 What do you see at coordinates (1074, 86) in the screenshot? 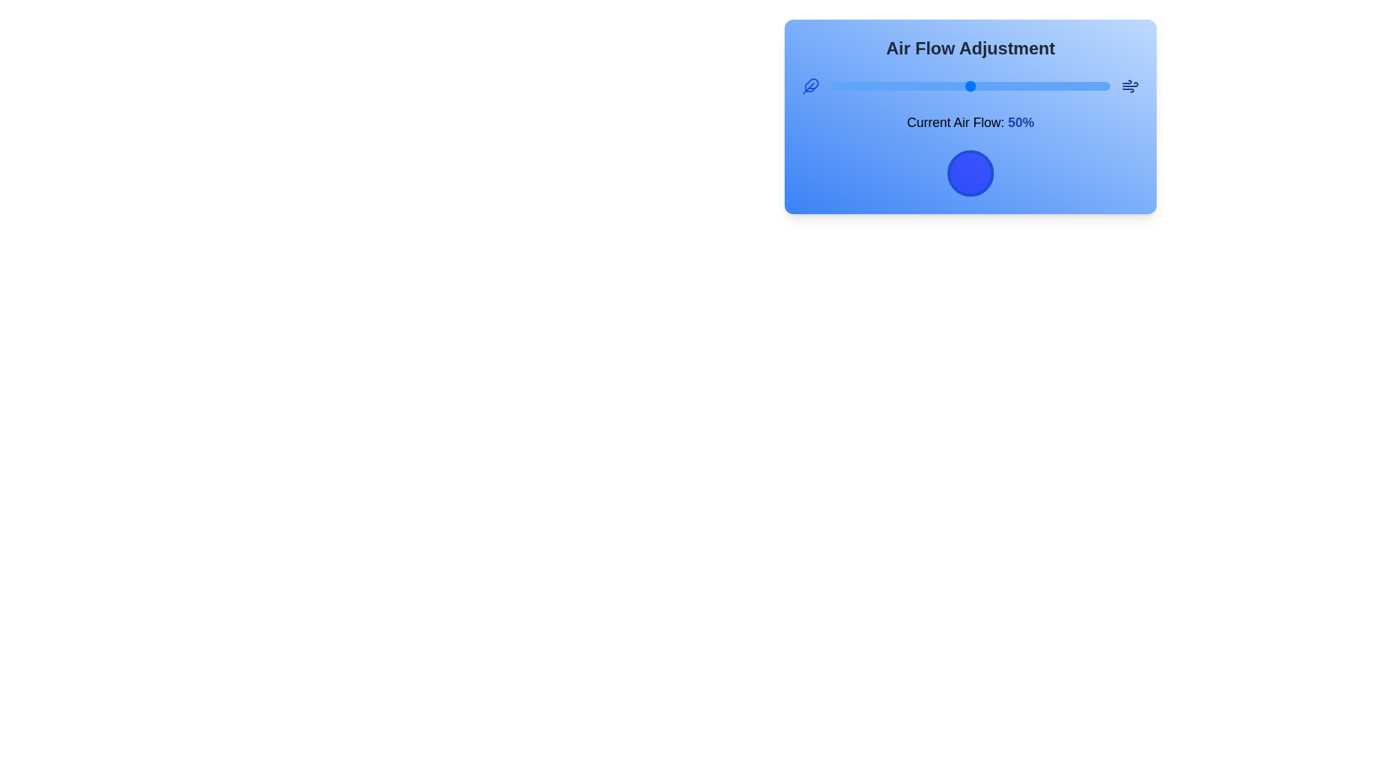
I see `the airflow slider to 87%` at bounding box center [1074, 86].